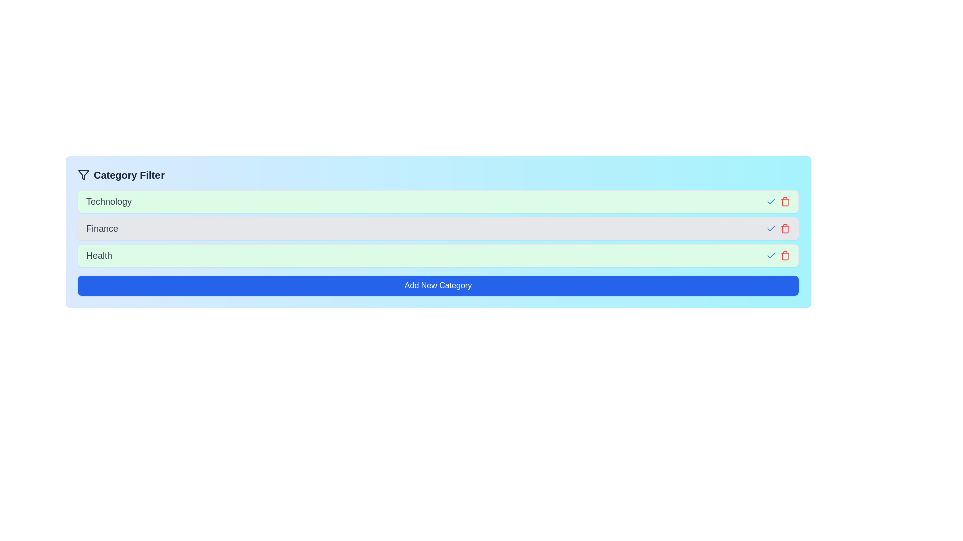 This screenshot has width=963, height=541. Describe the element at coordinates (438, 286) in the screenshot. I see `the 'Add New Category' button` at that location.